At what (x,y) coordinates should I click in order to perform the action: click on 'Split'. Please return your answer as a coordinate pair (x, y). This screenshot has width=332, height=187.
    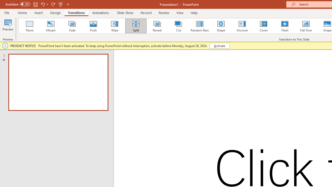
    Looking at the image, I should click on (136, 26).